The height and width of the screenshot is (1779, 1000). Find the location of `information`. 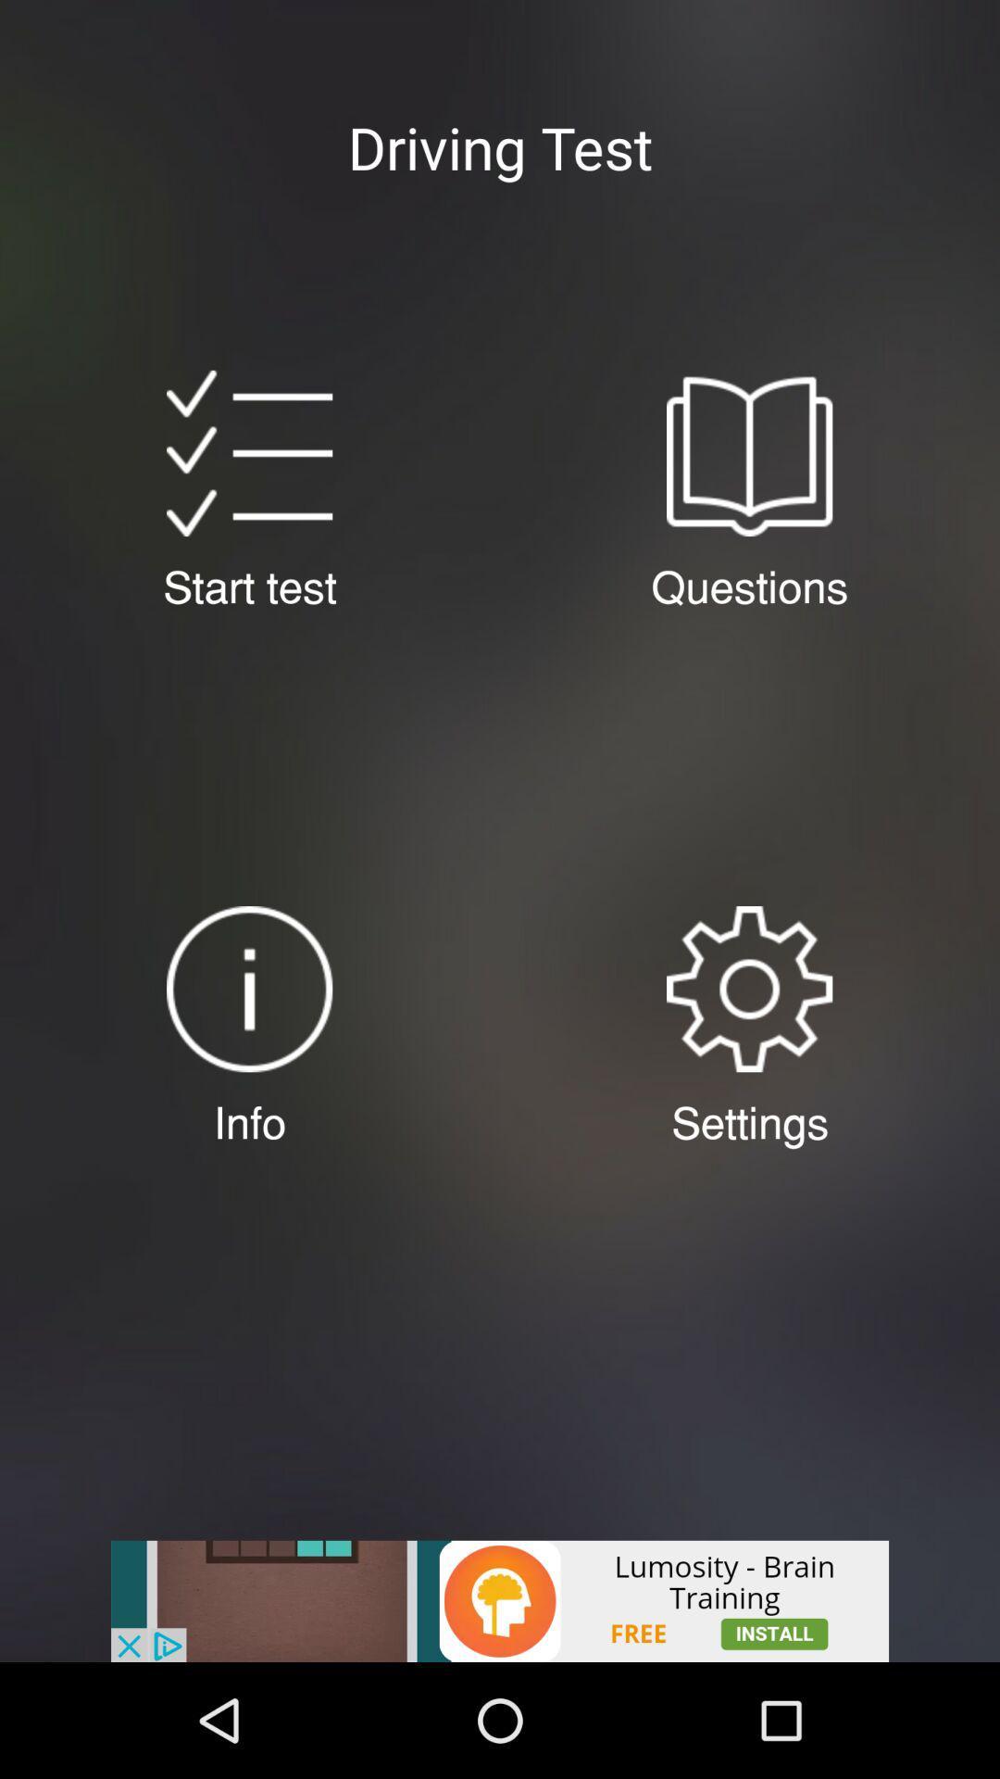

information is located at coordinates (248, 988).